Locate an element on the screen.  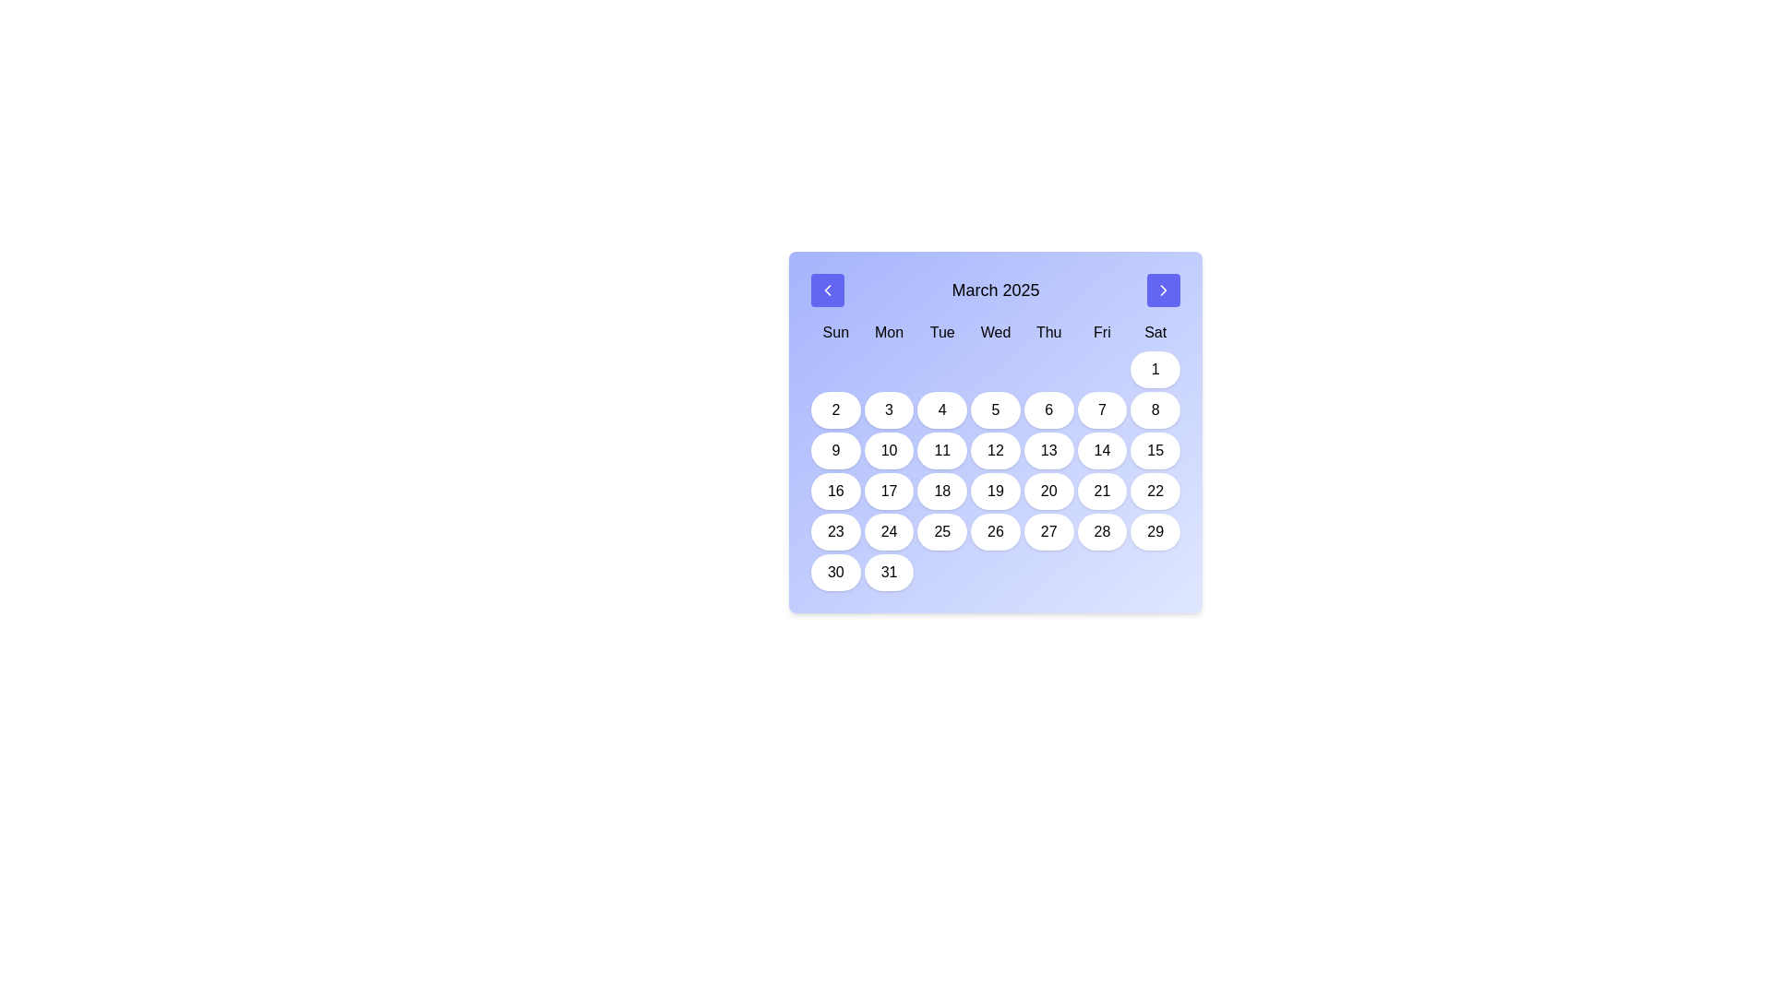
the circular button with a white background and the number '30' centered in black text, located in the last row, first column of the March 2025 calendar interface is located at coordinates (834, 572).